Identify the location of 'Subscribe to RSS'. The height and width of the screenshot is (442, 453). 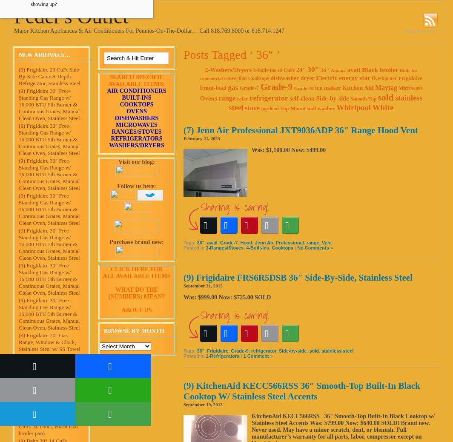
(404, 30).